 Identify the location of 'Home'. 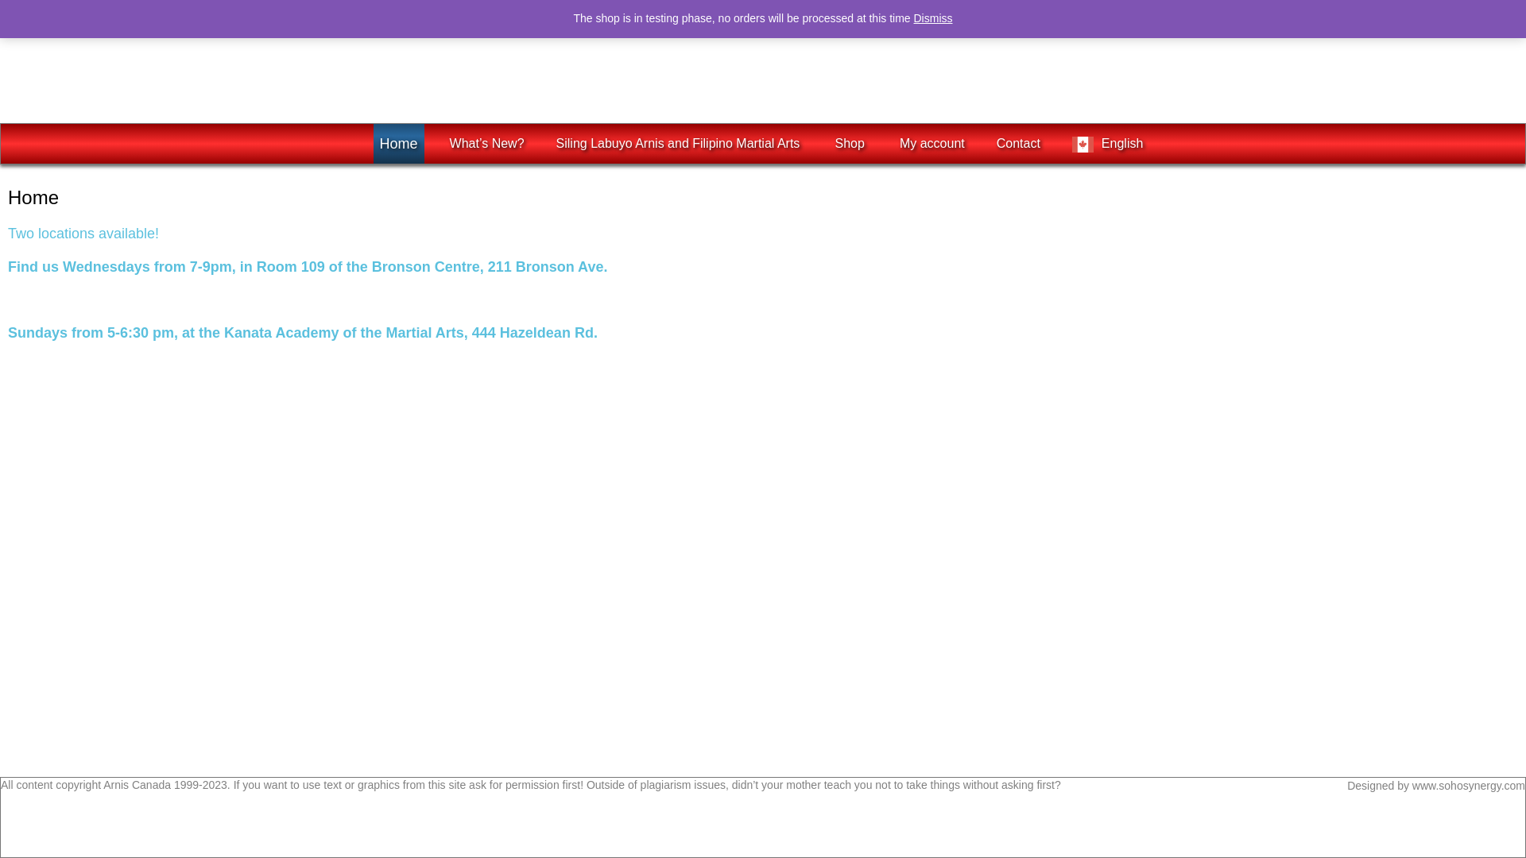
(399, 144).